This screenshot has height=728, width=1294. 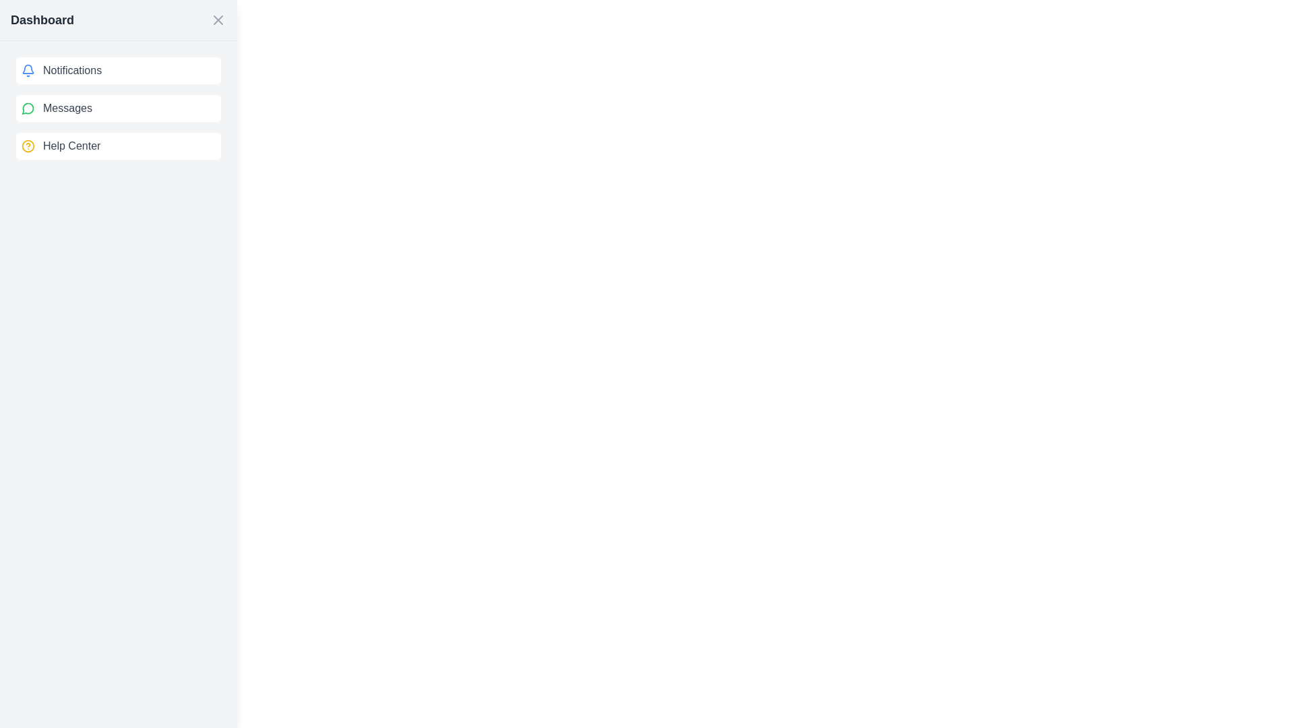 I want to click on the green speech bubble icon representing 'Messages' located in the second menu item of the sidebar, between 'Notifications' and 'Help Center', so click(x=28, y=108).